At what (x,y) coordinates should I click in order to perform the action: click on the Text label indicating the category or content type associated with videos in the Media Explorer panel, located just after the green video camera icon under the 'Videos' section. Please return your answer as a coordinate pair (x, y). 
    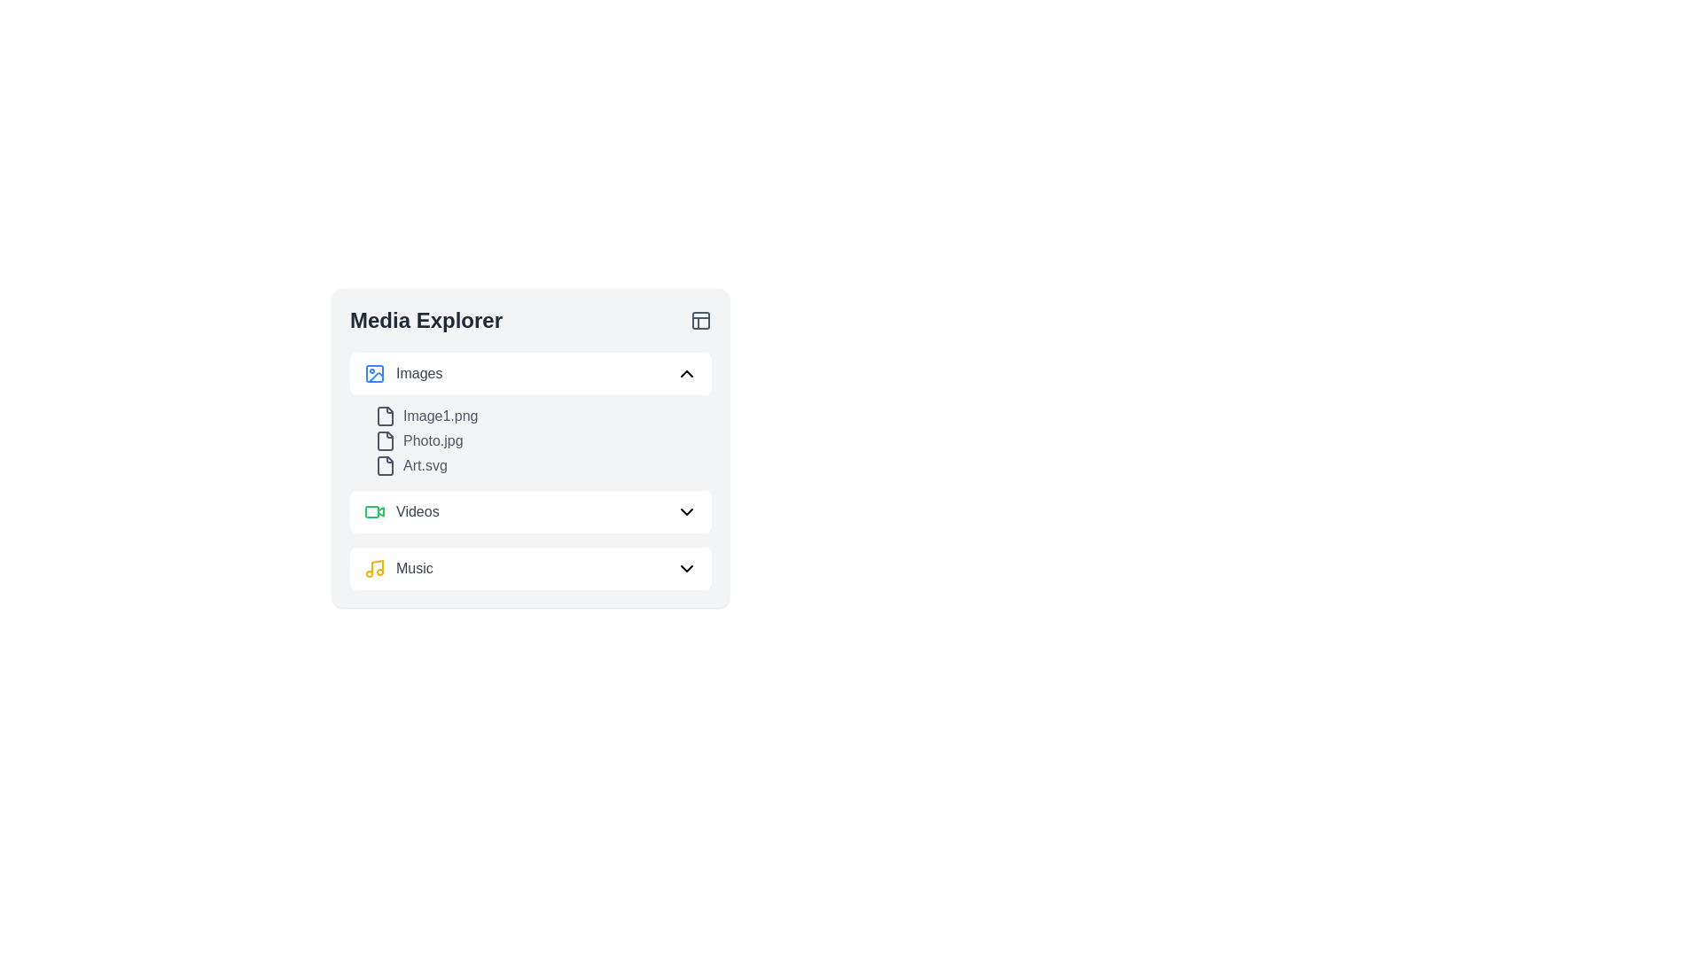
    Looking at the image, I should click on (401, 512).